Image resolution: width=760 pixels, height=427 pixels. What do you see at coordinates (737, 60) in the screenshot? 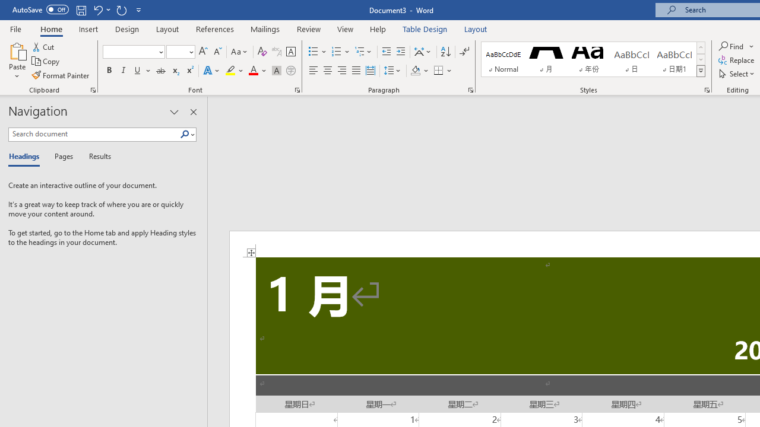
I see `'Replace...'` at bounding box center [737, 60].